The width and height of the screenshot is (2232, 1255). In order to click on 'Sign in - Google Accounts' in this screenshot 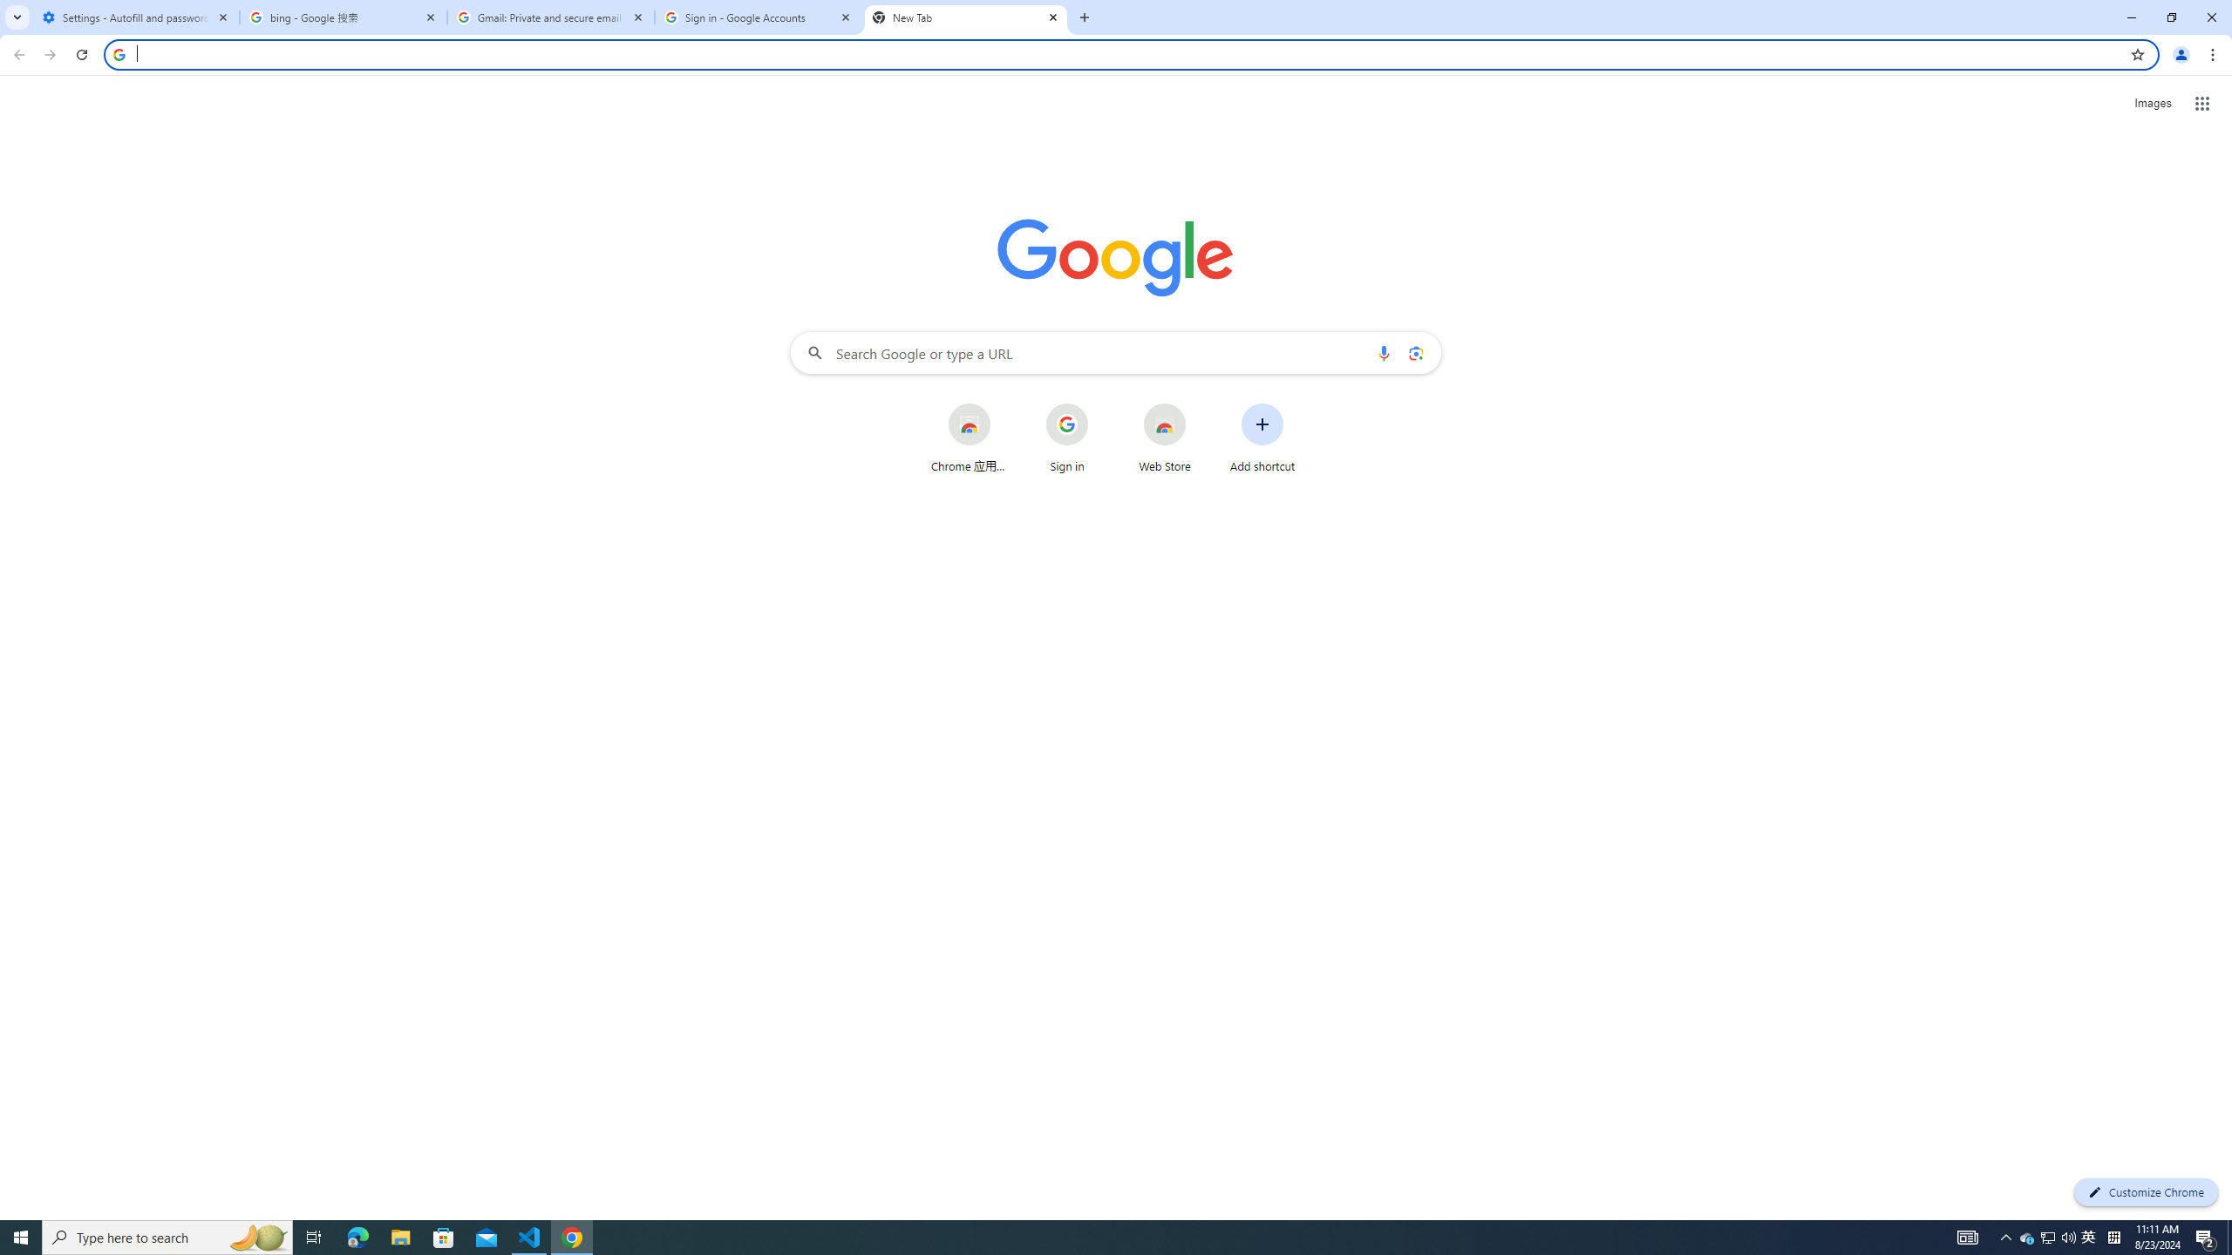, I will do `click(758, 17)`.